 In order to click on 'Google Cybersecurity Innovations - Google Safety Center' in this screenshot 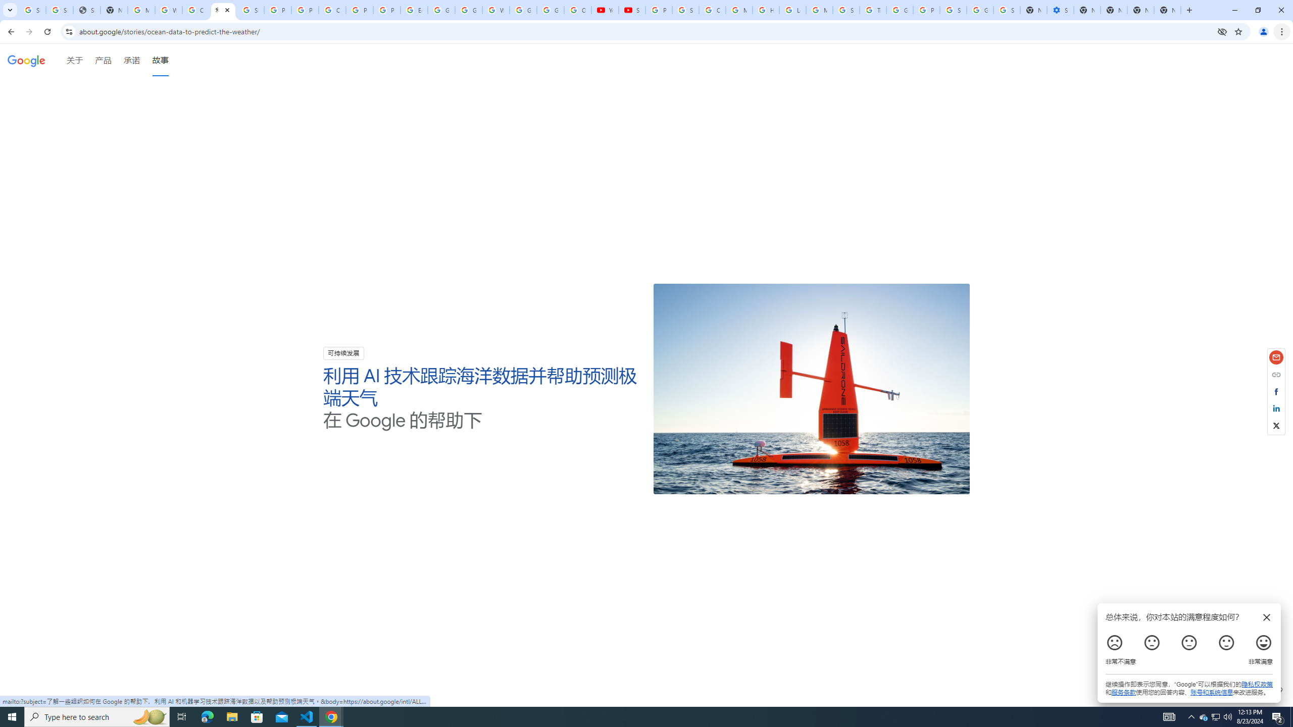, I will do `click(980, 10)`.